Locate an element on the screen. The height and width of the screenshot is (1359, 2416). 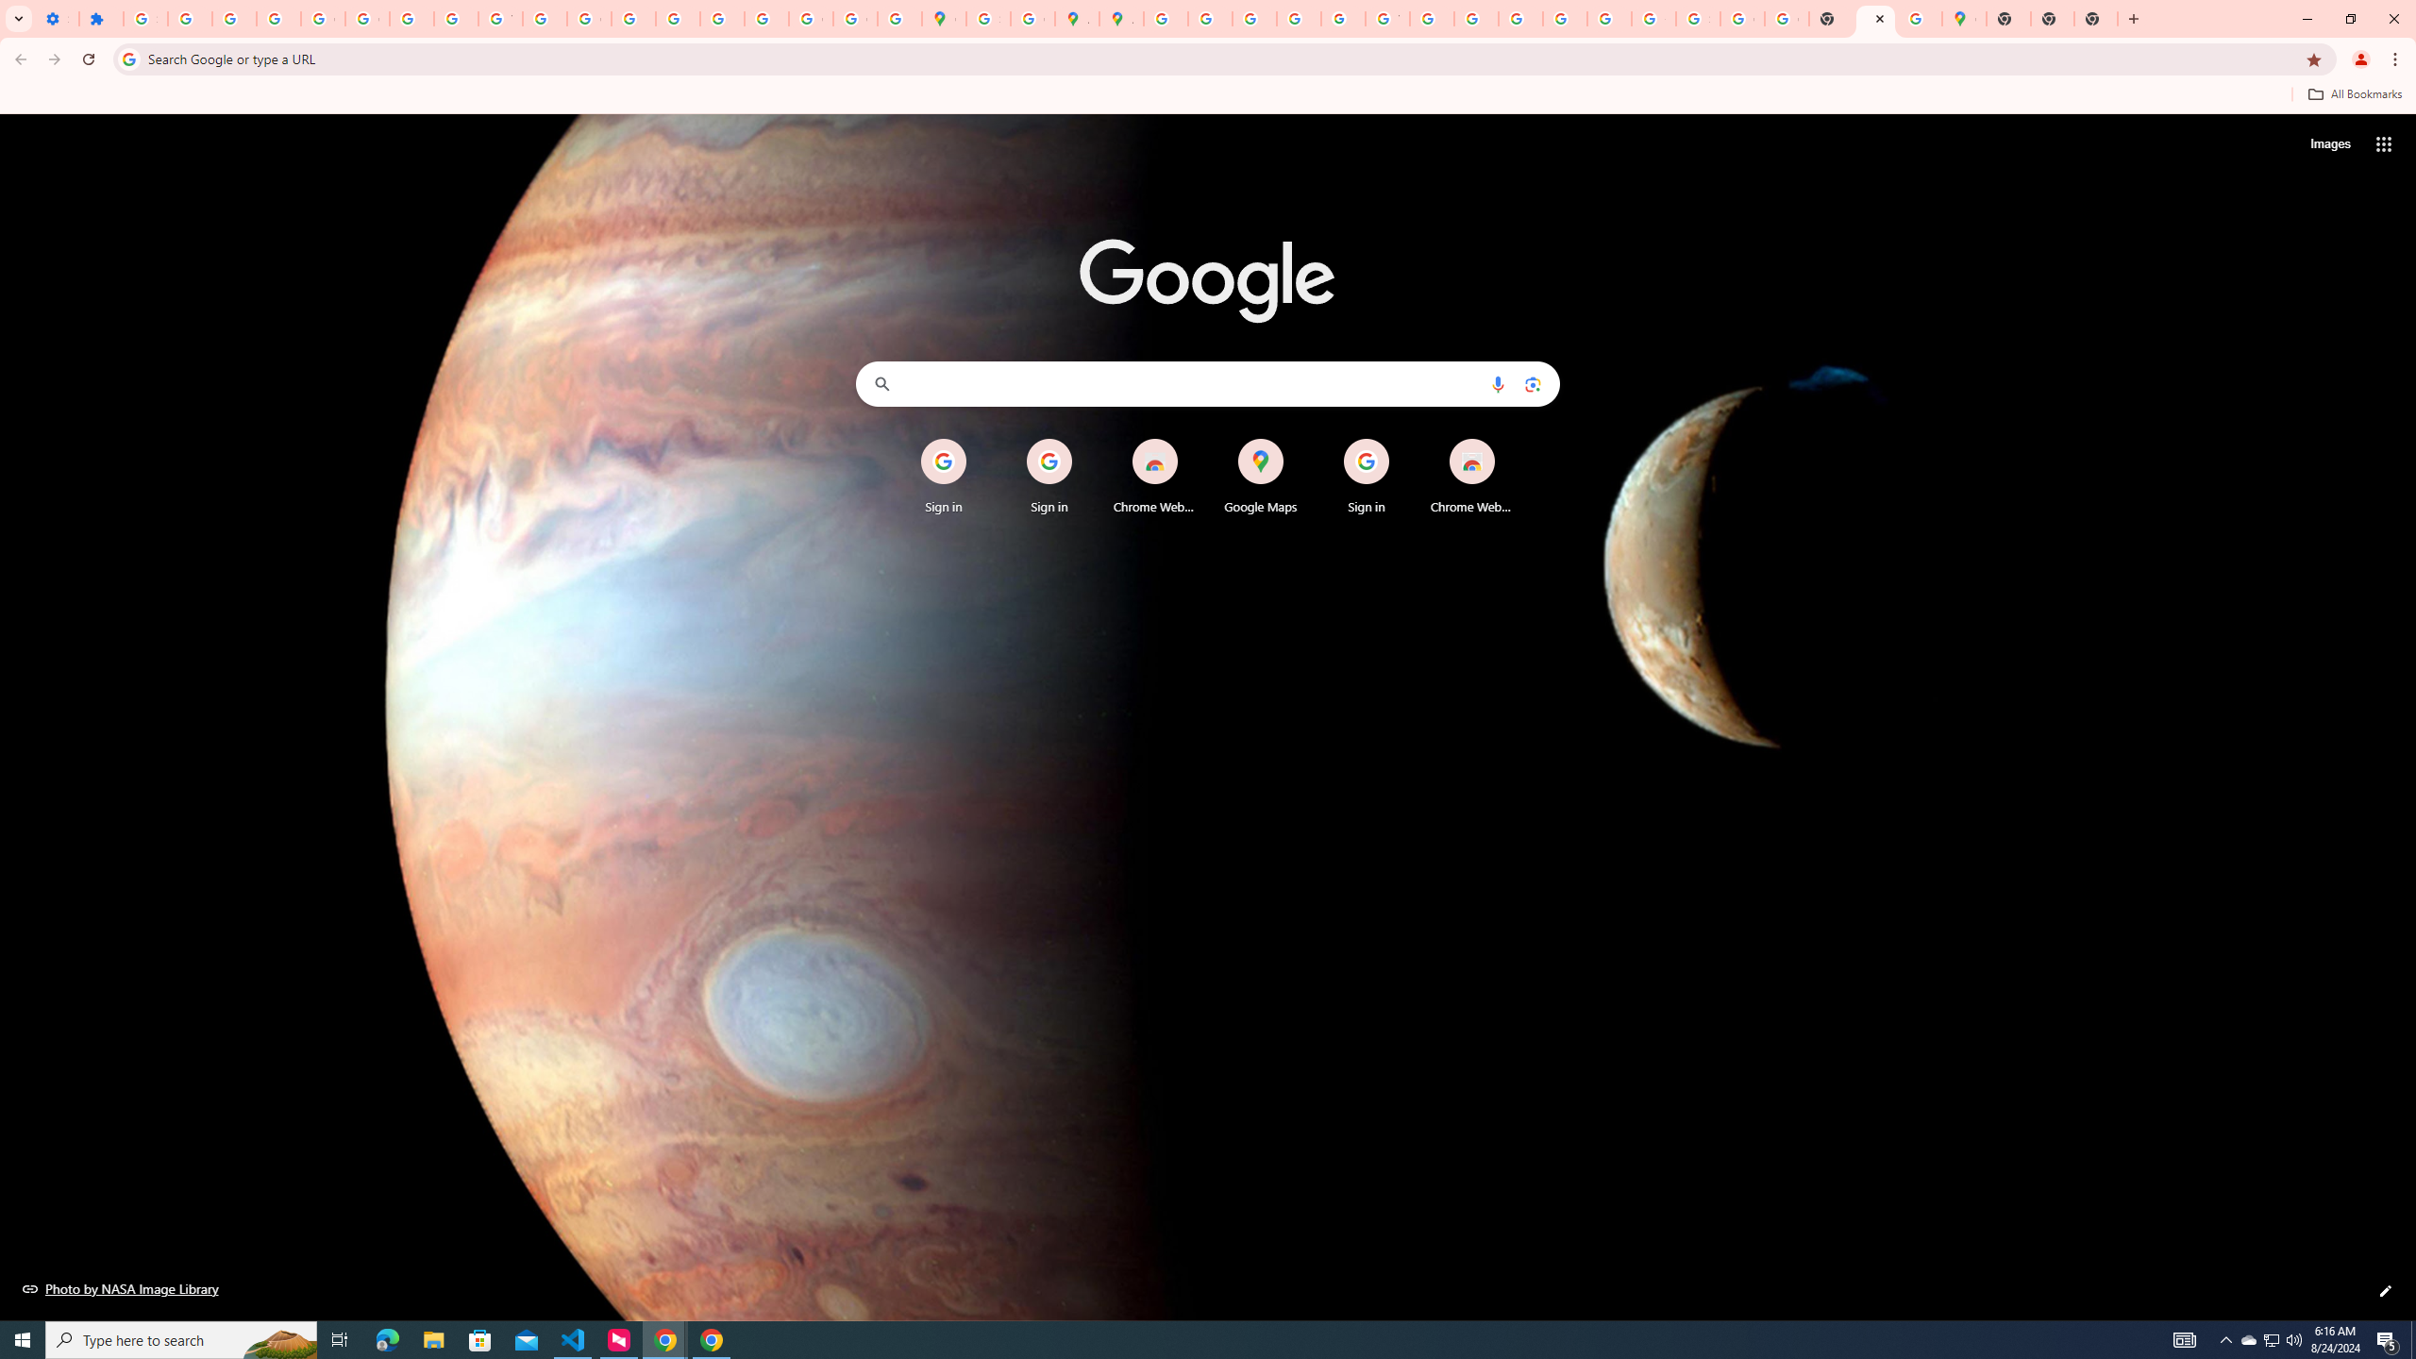
'New Tab' is located at coordinates (2007, 18).